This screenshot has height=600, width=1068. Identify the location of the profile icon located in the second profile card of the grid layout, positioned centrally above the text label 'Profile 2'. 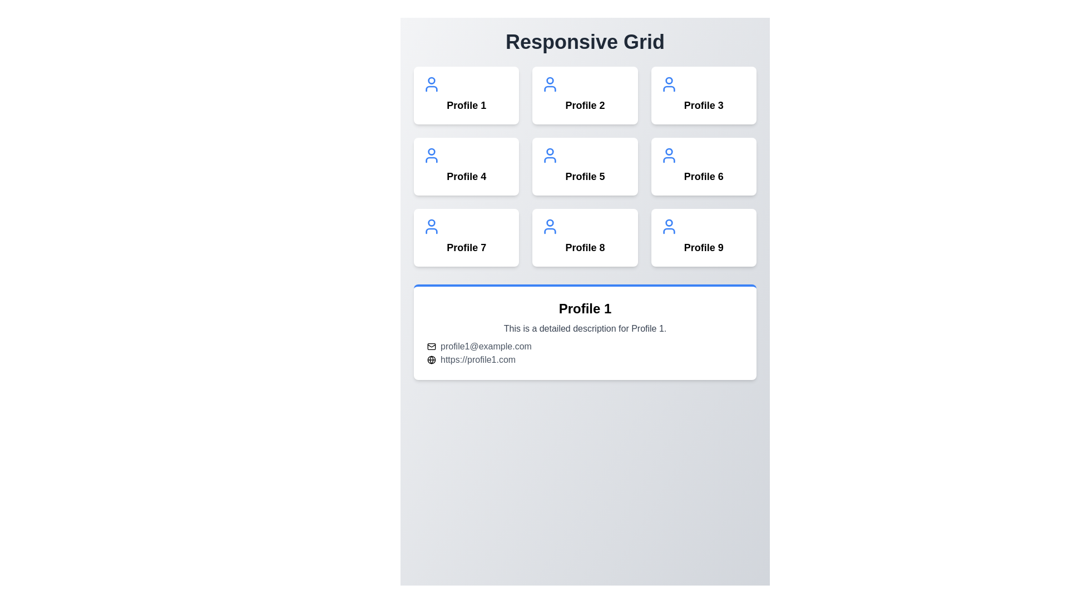
(550, 83).